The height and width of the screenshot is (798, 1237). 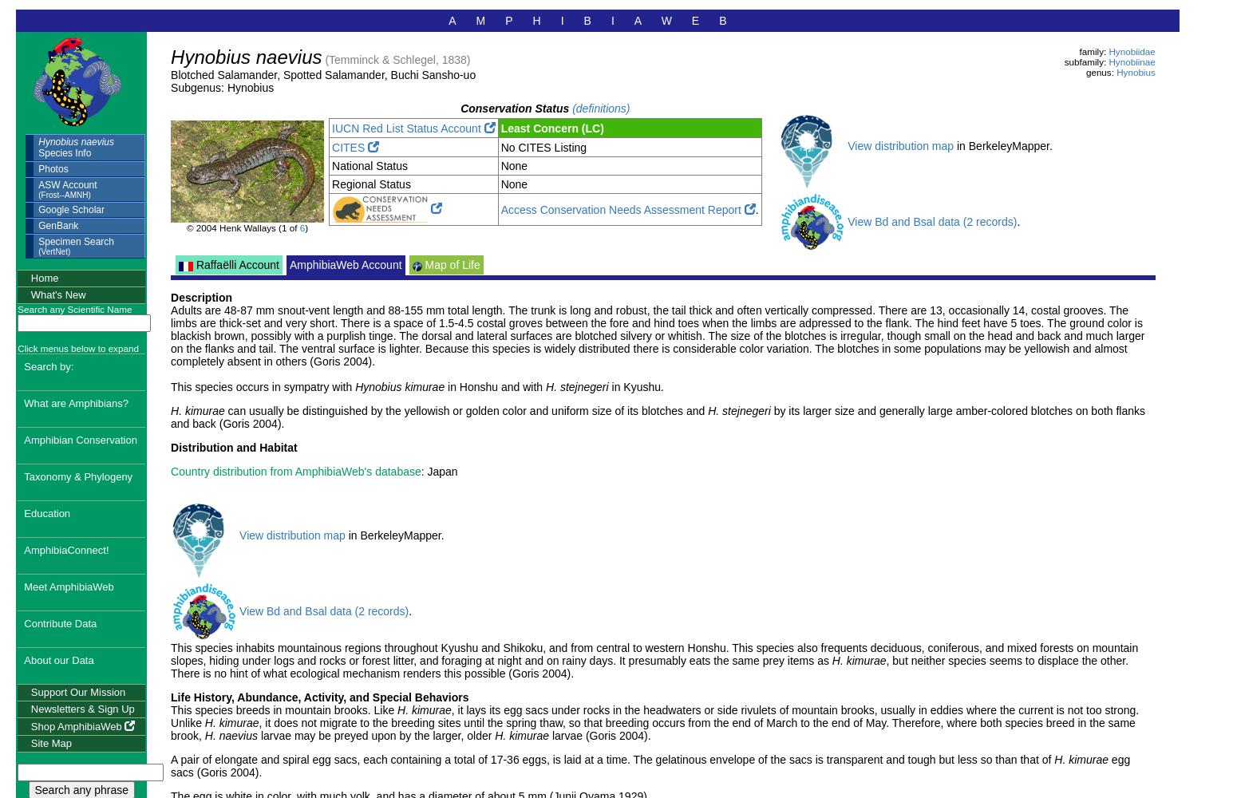 What do you see at coordinates (257, 735) in the screenshot?
I see `'larvae may be preyed upon by the larger, older'` at bounding box center [257, 735].